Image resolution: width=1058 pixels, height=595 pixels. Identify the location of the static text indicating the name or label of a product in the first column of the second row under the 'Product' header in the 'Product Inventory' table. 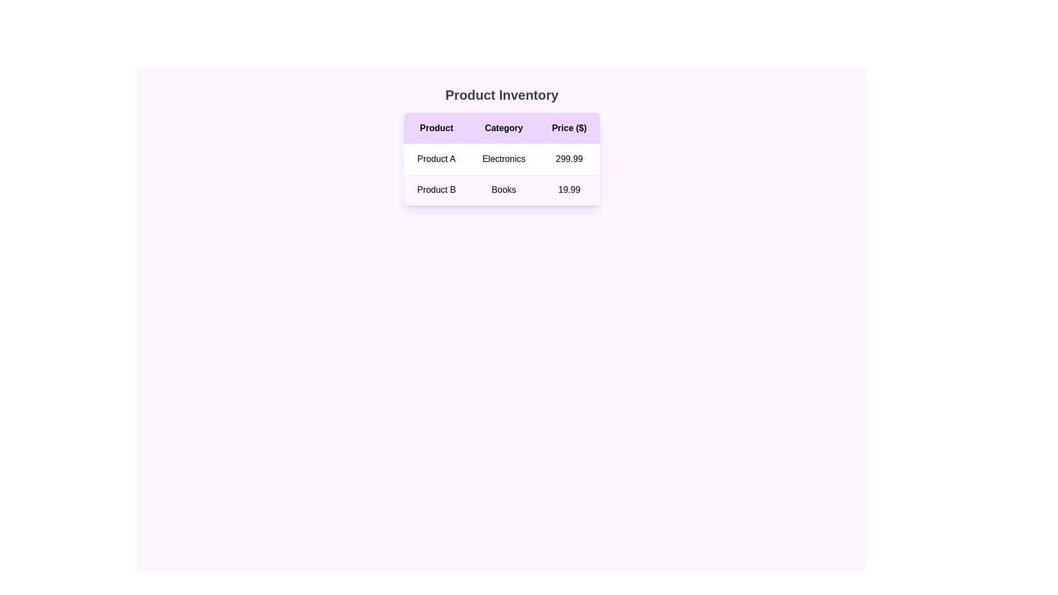
(436, 189).